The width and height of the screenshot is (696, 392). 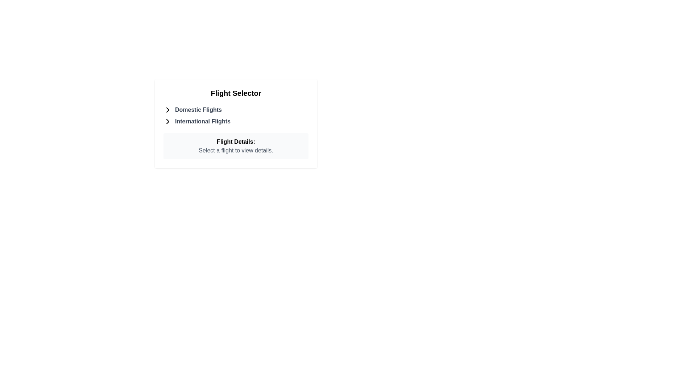 What do you see at coordinates (236, 121) in the screenshot?
I see `the 'International Flights' navigation list item, which is the second entry in the vertical navigation list under 'Flight Selector'` at bounding box center [236, 121].